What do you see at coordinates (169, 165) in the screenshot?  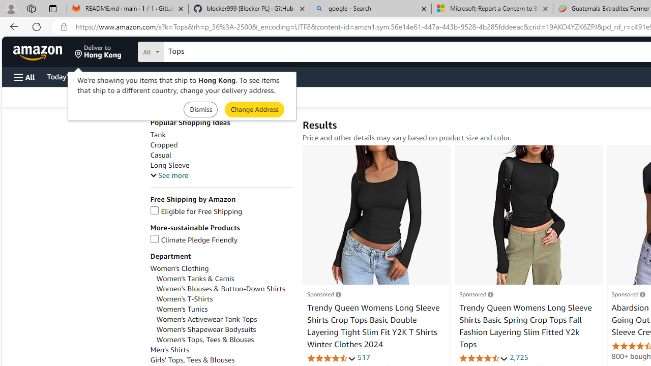 I see `'Long Sleeve'` at bounding box center [169, 165].